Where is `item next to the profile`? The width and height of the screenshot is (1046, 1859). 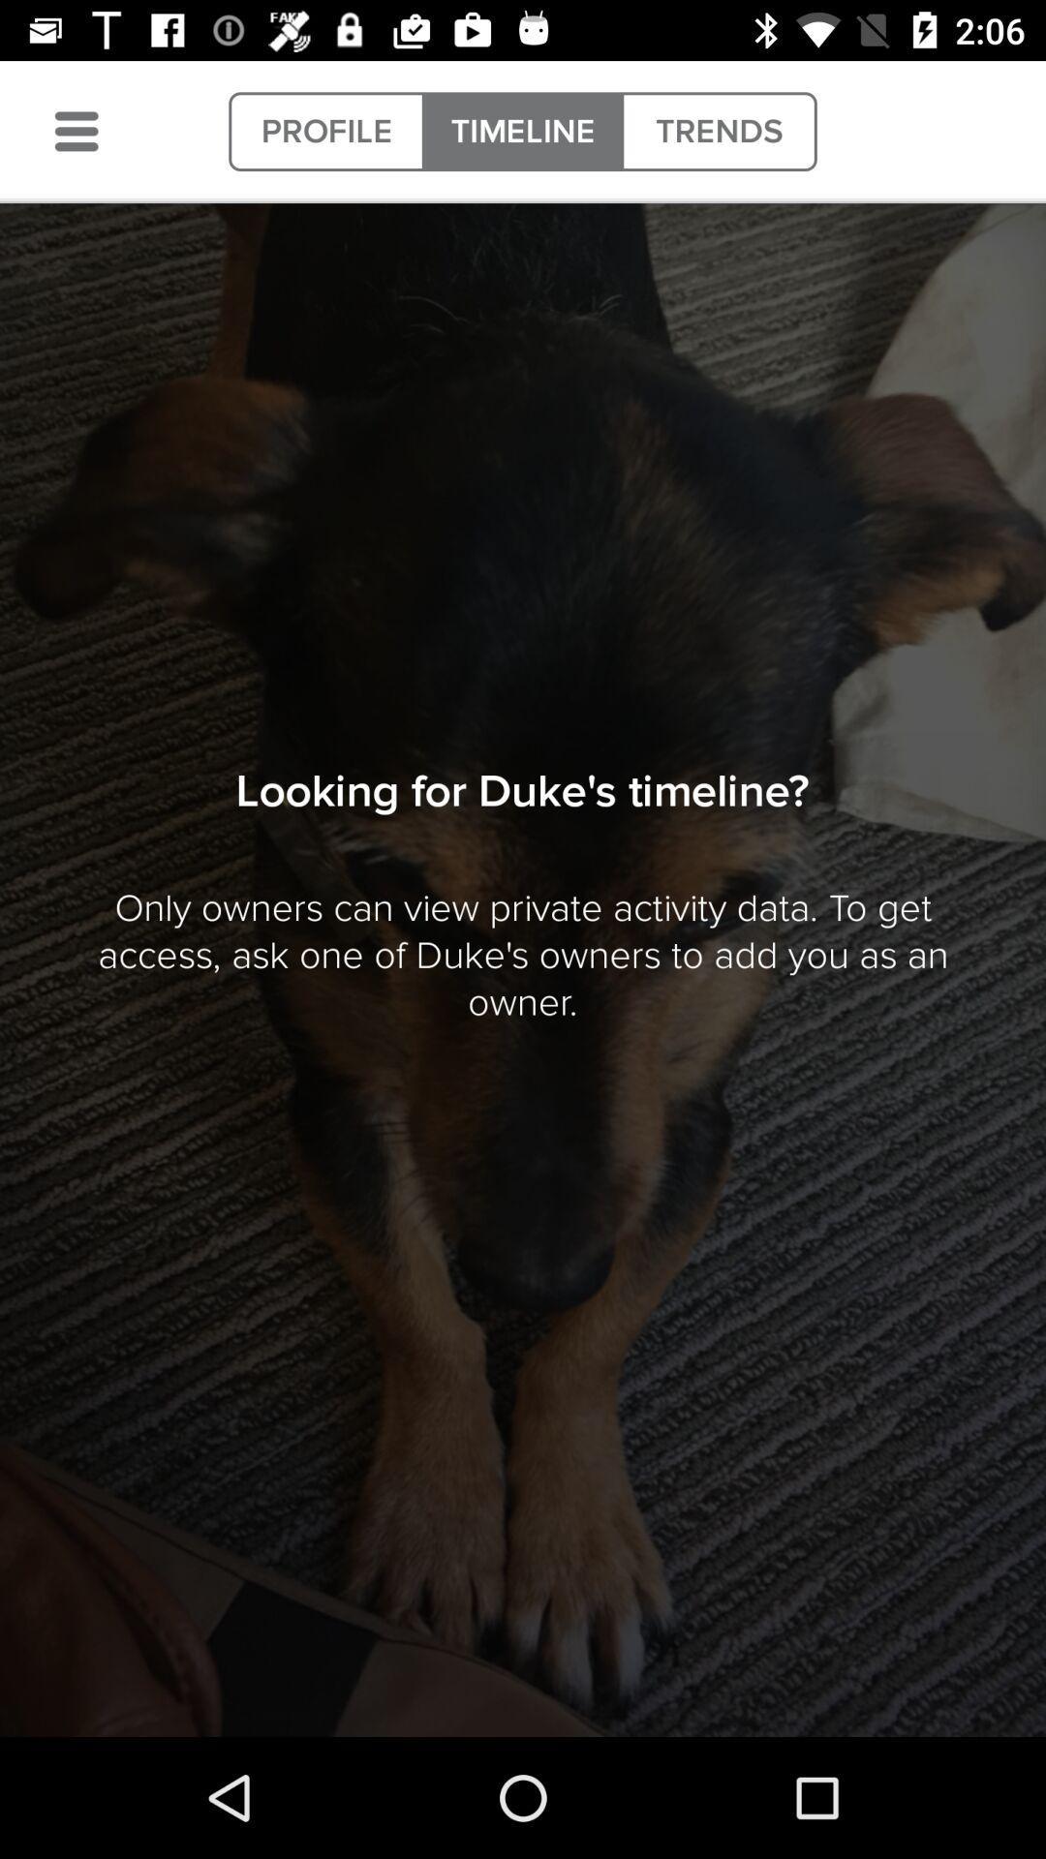 item next to the profile is located at coordinates (76, 131).